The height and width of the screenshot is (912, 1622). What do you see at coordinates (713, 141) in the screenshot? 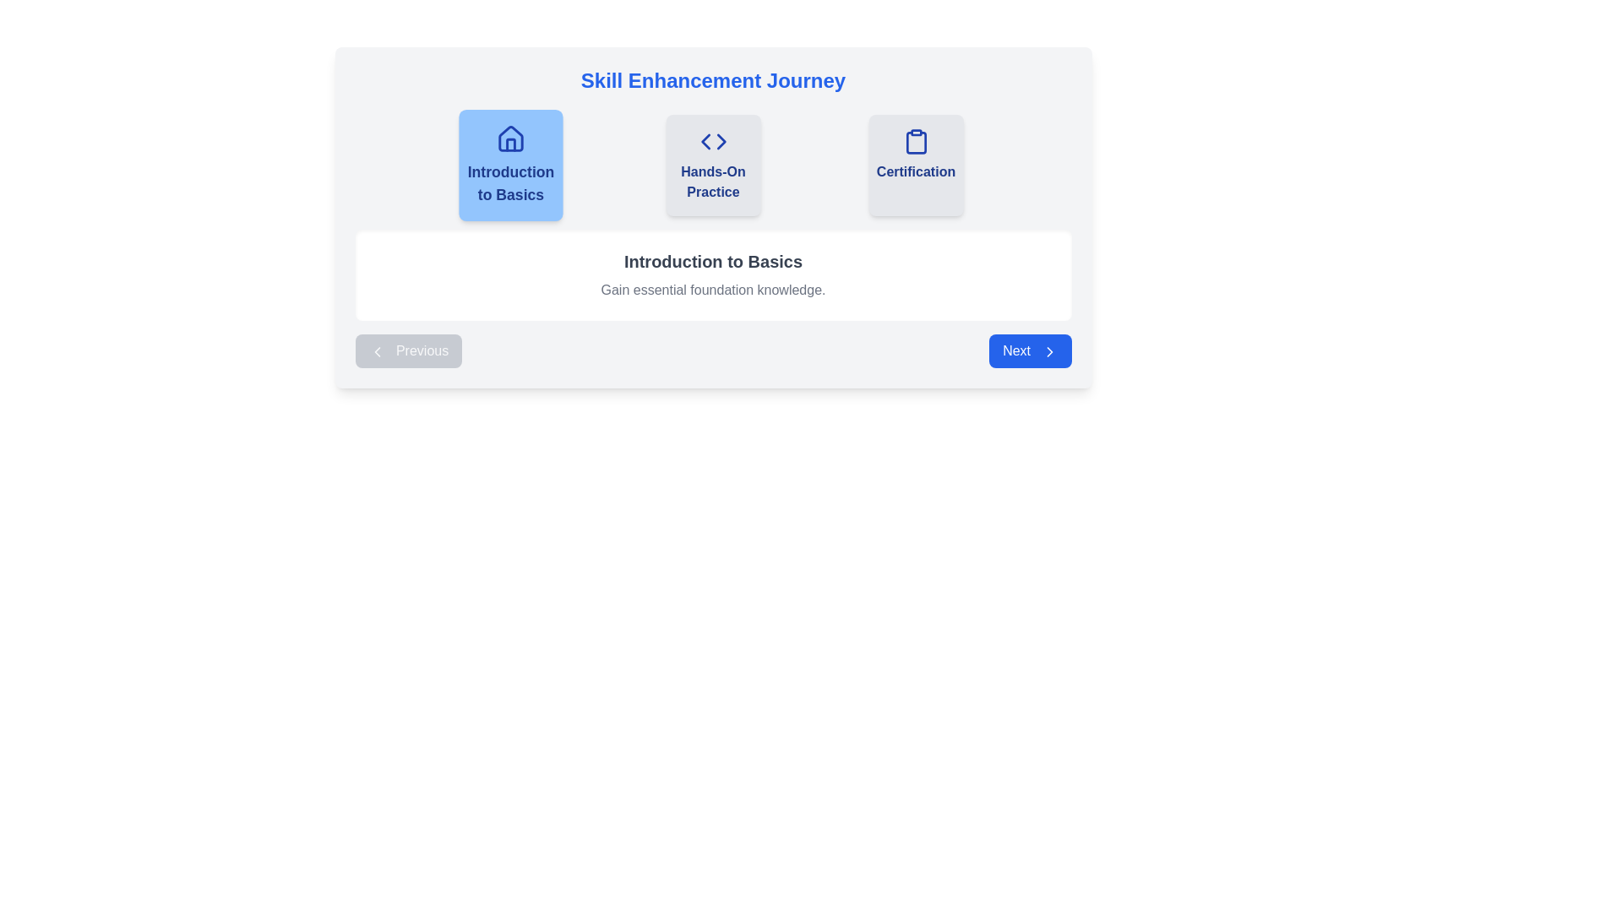
I see `the blue vector icon representing a pair of angled brackets (<>), which is centrally located within the 'Hands-On Practice' section of the interface` at bounding box center [713, 141].